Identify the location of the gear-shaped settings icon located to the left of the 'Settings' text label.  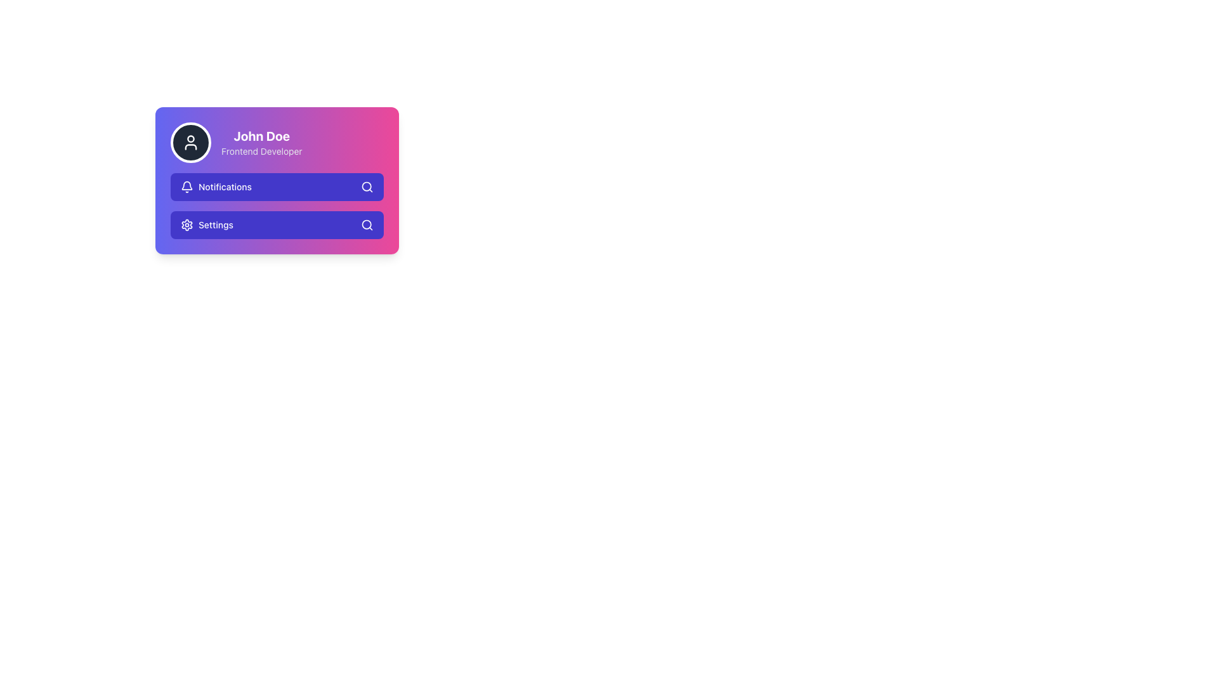
(186, 224).